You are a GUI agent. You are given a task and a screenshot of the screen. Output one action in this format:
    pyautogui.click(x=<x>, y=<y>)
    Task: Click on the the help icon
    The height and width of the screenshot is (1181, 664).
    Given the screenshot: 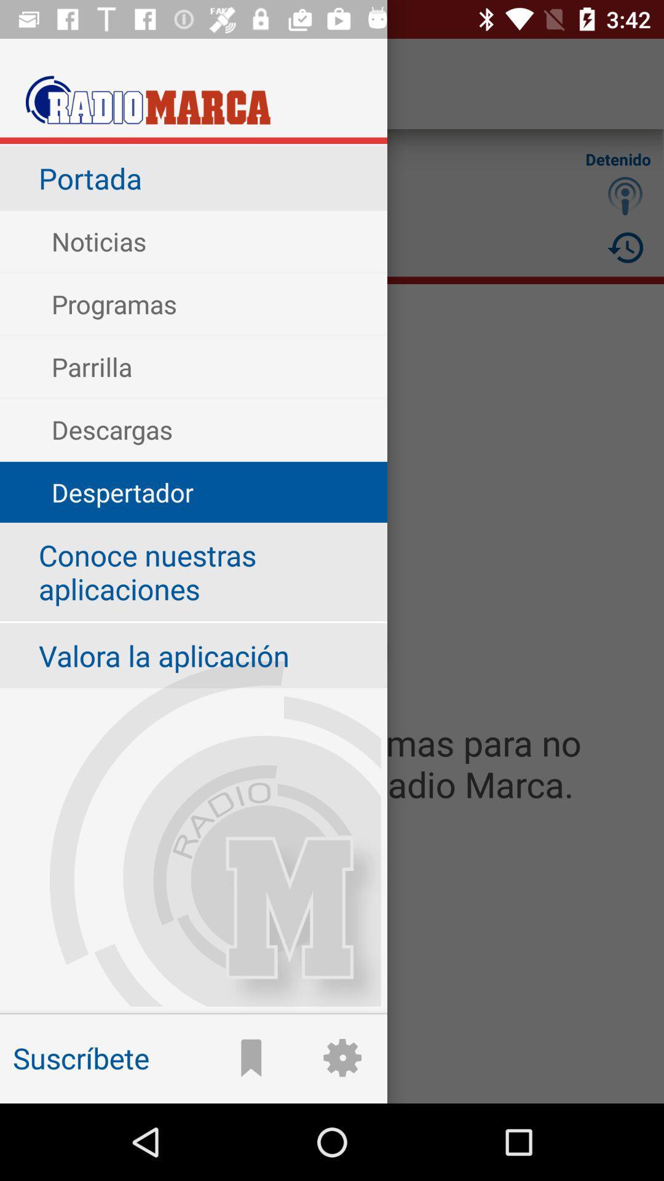 What is the action you would take?
    pyautogui.click(x=625, y=195)
    